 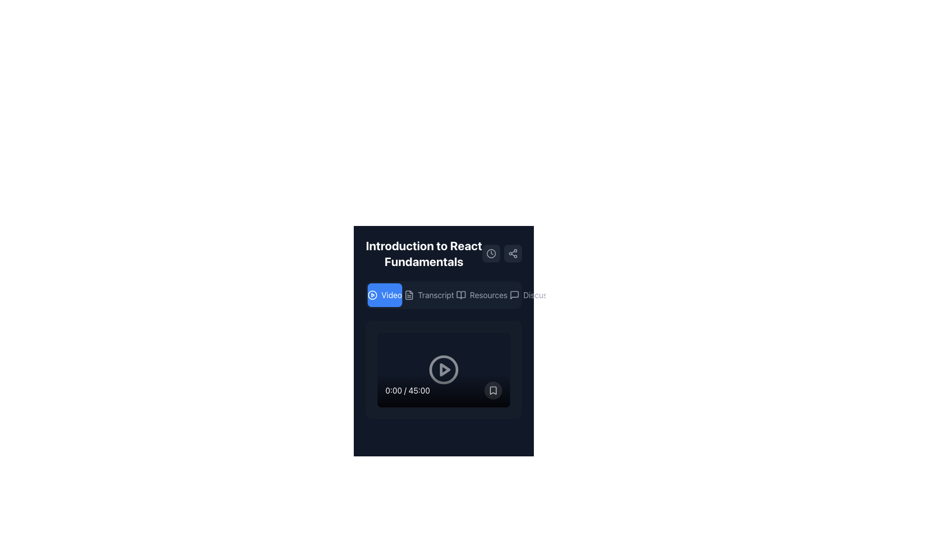 I want to click on the center of the circular play button icon within the video playback interface, so click(x=372, y=295).